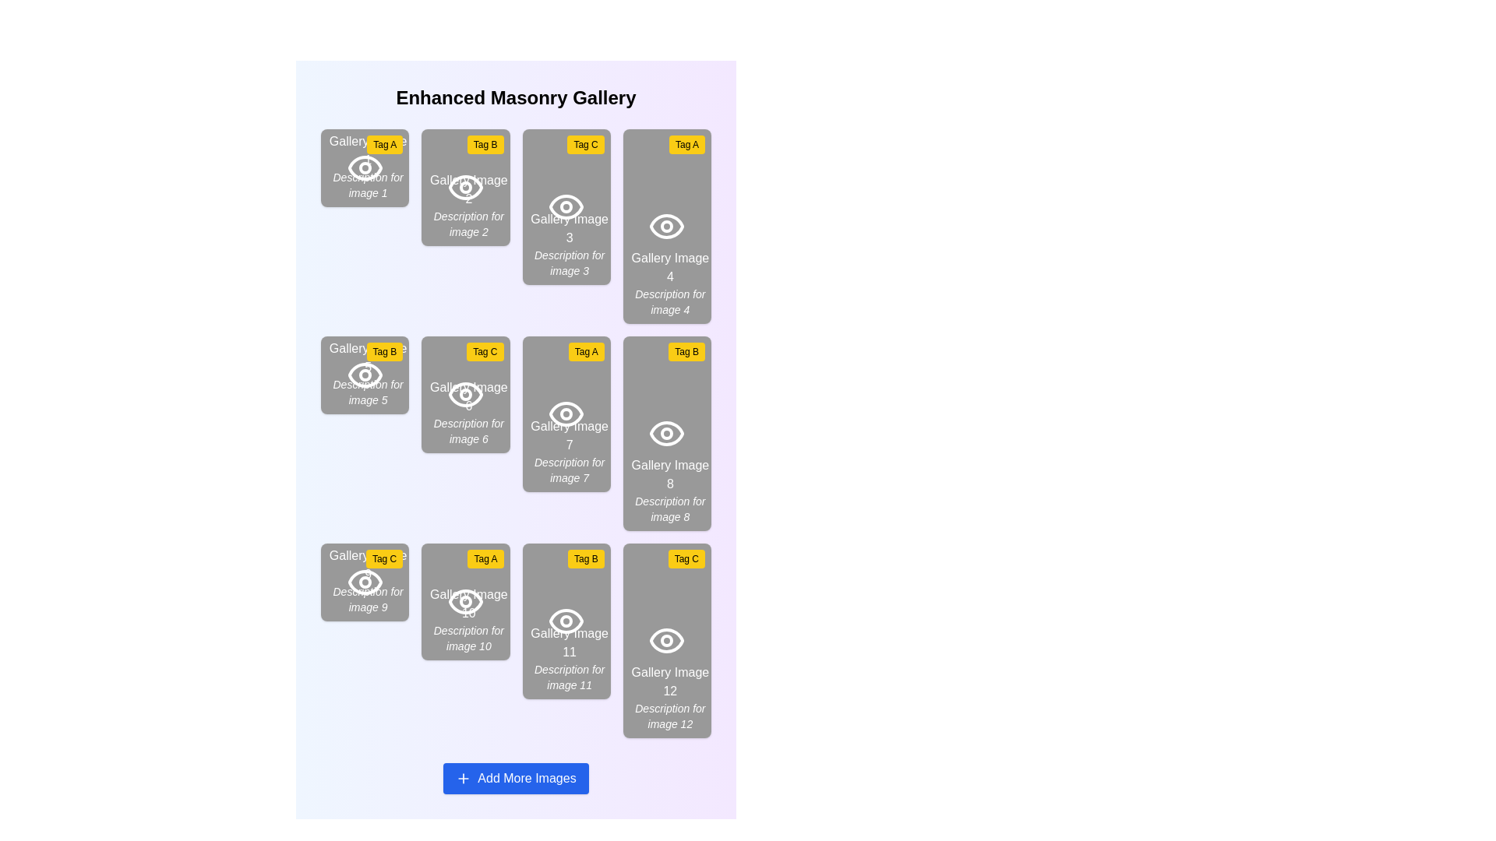 Image resolution: width=1496 pixels, height=841 pixels. Describe the element at coordinates (670, 509) in the screenshot. I see `the descriptive label text located below the title text for 'Gallery Image 8', which is the second piece of text in the grid layout` at that location.